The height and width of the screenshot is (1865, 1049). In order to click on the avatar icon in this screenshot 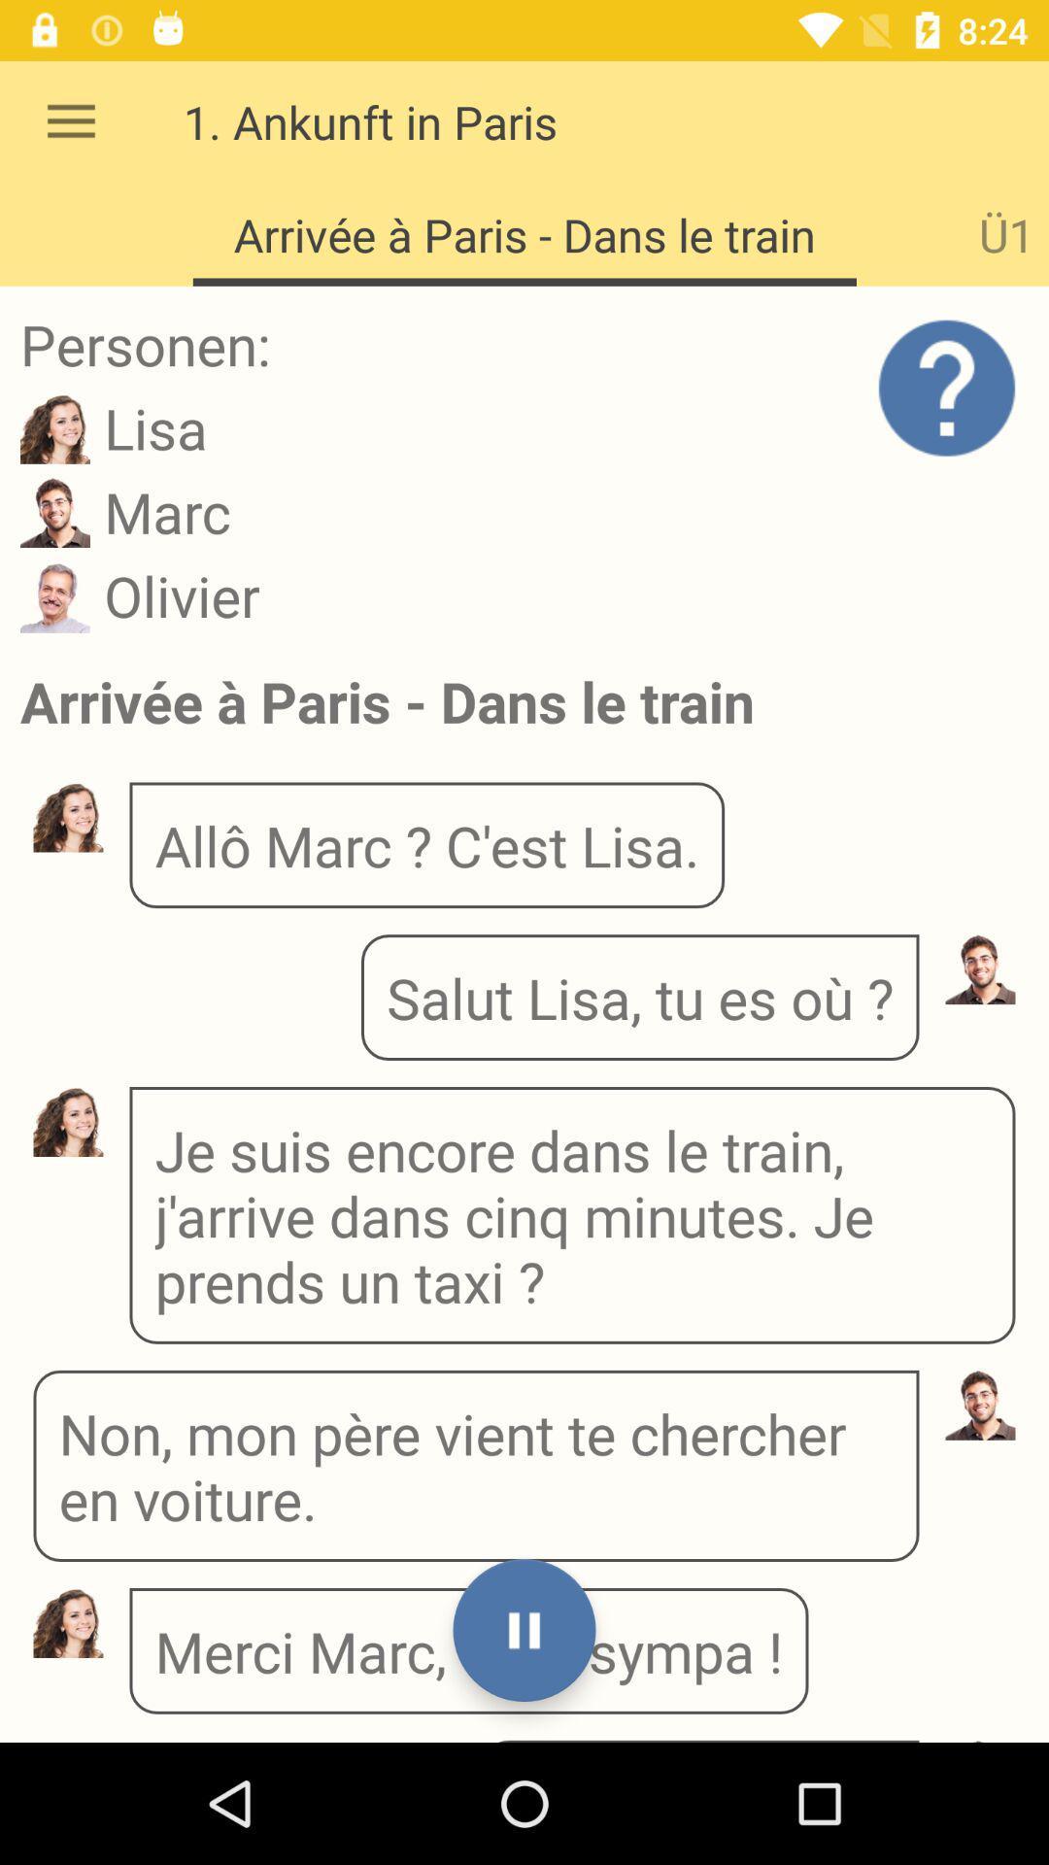, I will do `click(67, 1622)`.